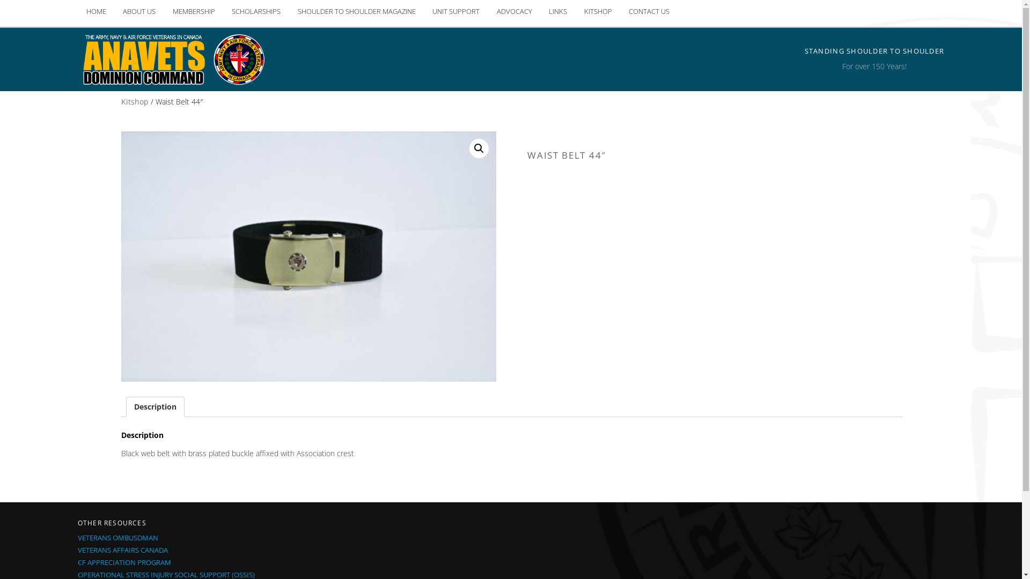  What do you see at coordinates (558, 11) in the screenshot?
I see `'LINKS'` at bounding box center [558, 11].